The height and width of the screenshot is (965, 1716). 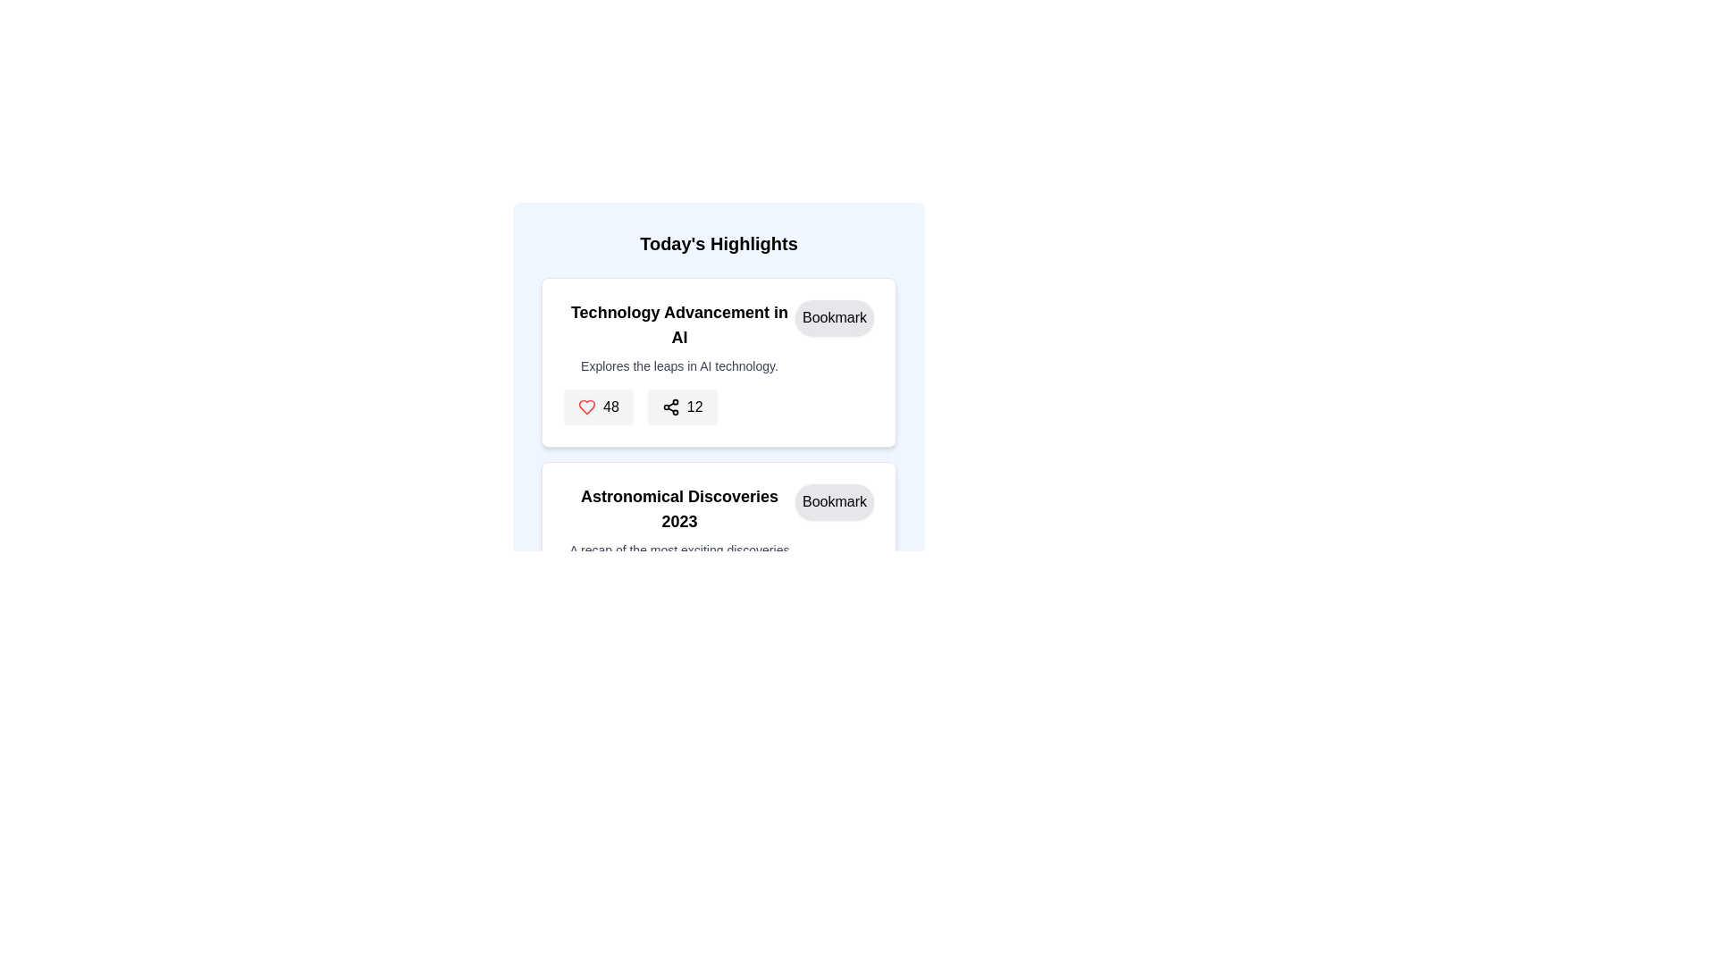 I want to click on title and subtitle of the content preview for 'Technology Advancement in AI' located in the top card of the 'Today's Highlights' section, so click(x=719, y=338).